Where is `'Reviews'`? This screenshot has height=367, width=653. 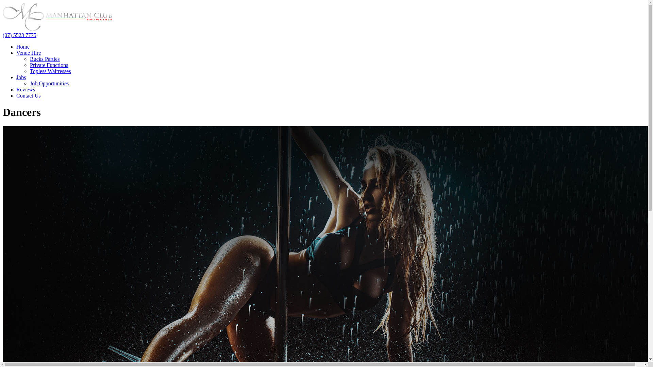
'Reviews' is located at coordinates (26, 89).